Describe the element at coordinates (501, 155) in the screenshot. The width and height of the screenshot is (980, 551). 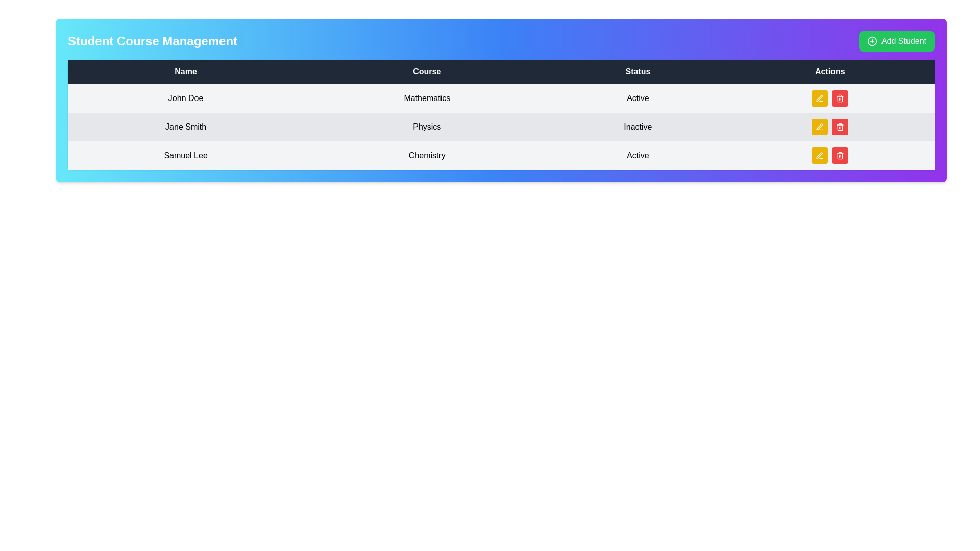
I see `the third row of the table displaying a student's information, which is located between the row with 'Jane Smith' and the rows below it` at that location.